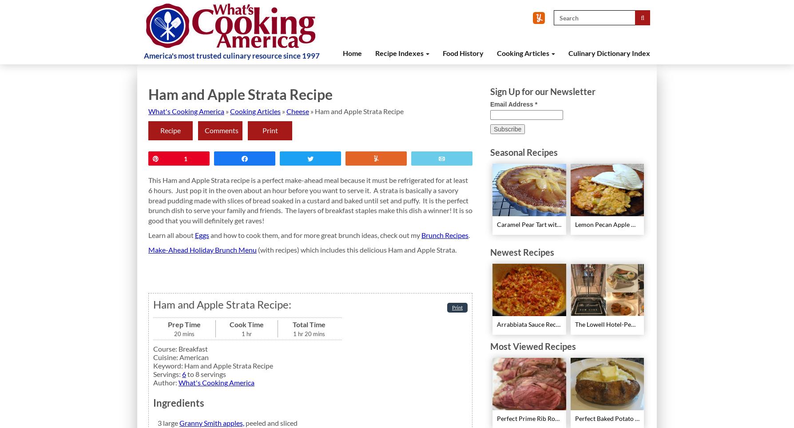  Describe the element at coordinates (375, 52) in the screenshot. I see `'Recipe Indexes'` at that location.